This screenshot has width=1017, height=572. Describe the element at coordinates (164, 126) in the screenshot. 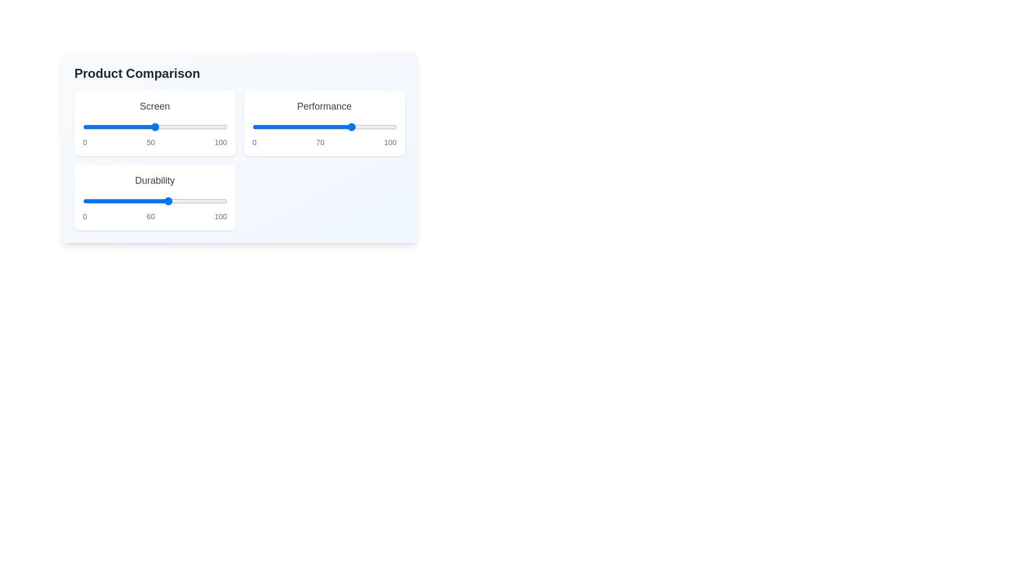

I see `the 'Screen' slider to the value 57` at that location.